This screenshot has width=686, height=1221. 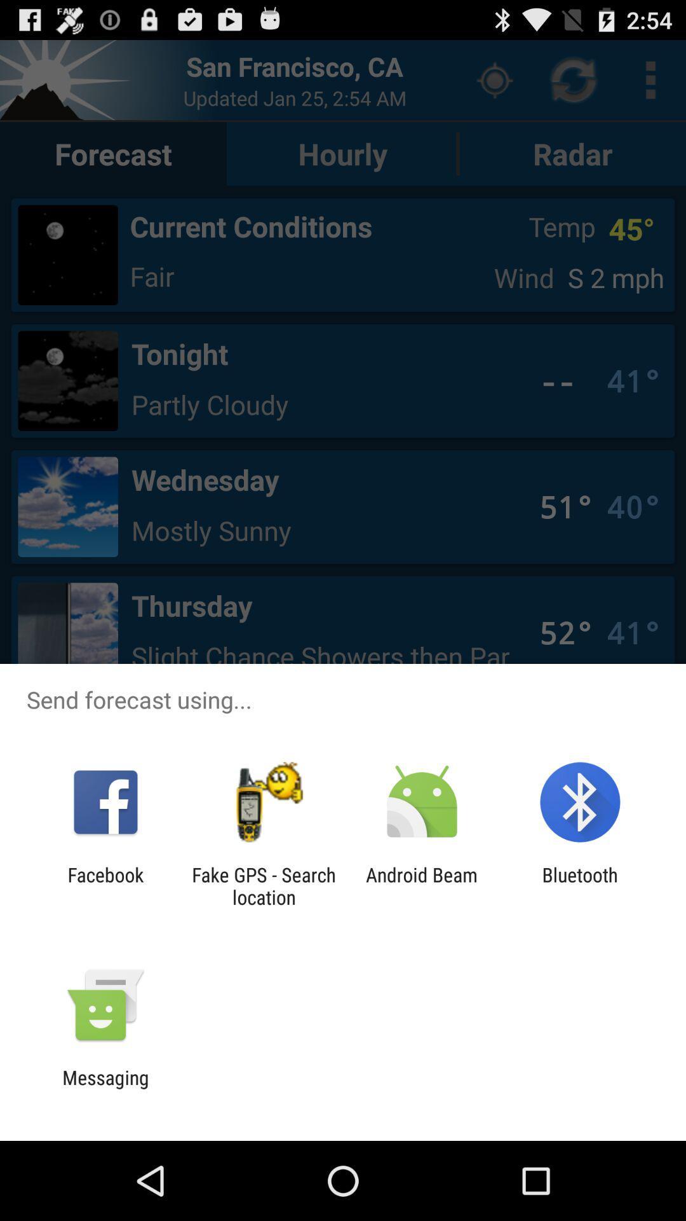 I want to click on app to the left of bluetooth icon, so click(x=422, y=885).